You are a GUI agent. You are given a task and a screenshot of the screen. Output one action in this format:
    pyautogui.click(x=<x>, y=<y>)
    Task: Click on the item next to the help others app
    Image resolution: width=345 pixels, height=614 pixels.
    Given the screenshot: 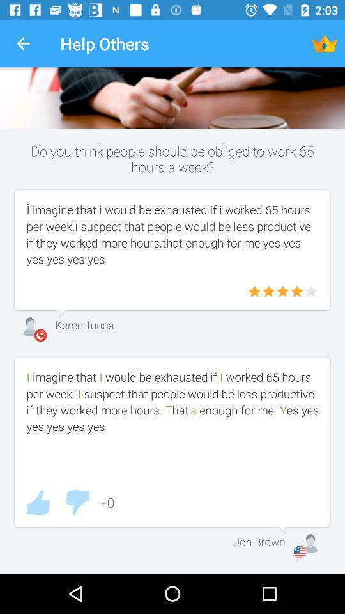 What is the action you would take?
    pyautogui.click(x=325, y=43)
    